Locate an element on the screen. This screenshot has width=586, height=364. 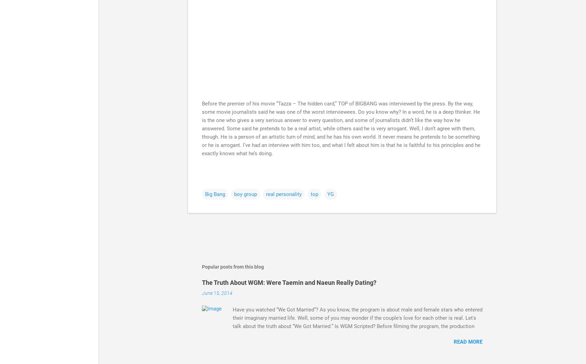
'Read more' is located at coordinates (468, 342).